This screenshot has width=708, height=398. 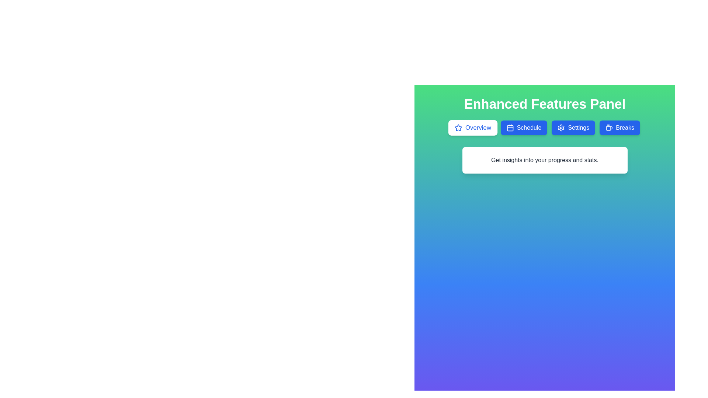 What do you see at coordinates (510, 128) in the screenshot?
I see `the calendar icon within the 'Schedule' button, which is the second button from the left in the row of buttons near the top of the interface` at bounding box center [510, 128].